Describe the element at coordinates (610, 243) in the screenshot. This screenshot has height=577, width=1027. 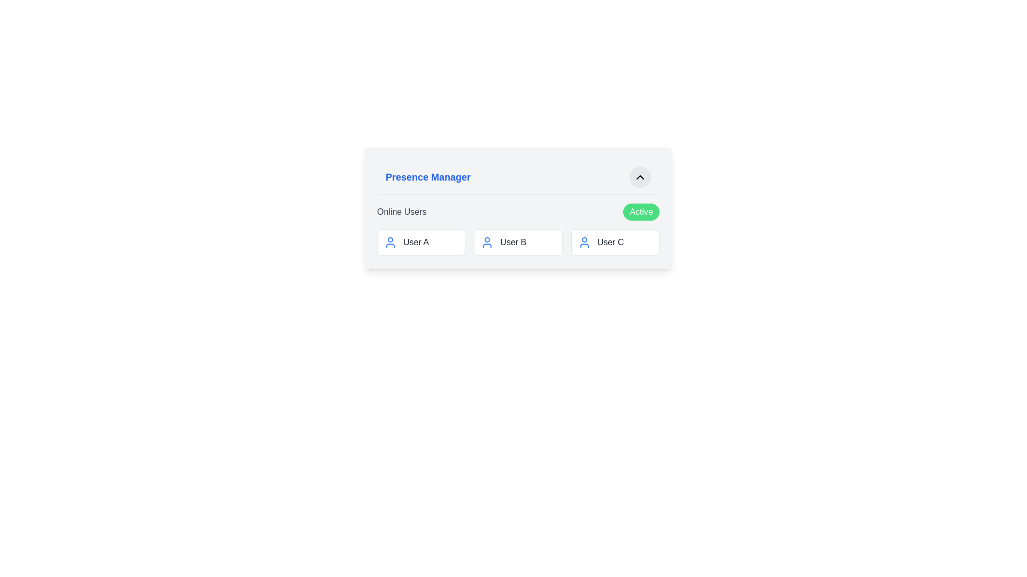
I see `the text label identifying 'User C', which is the rightmost text component in a horizontal list of user entries` at that location.